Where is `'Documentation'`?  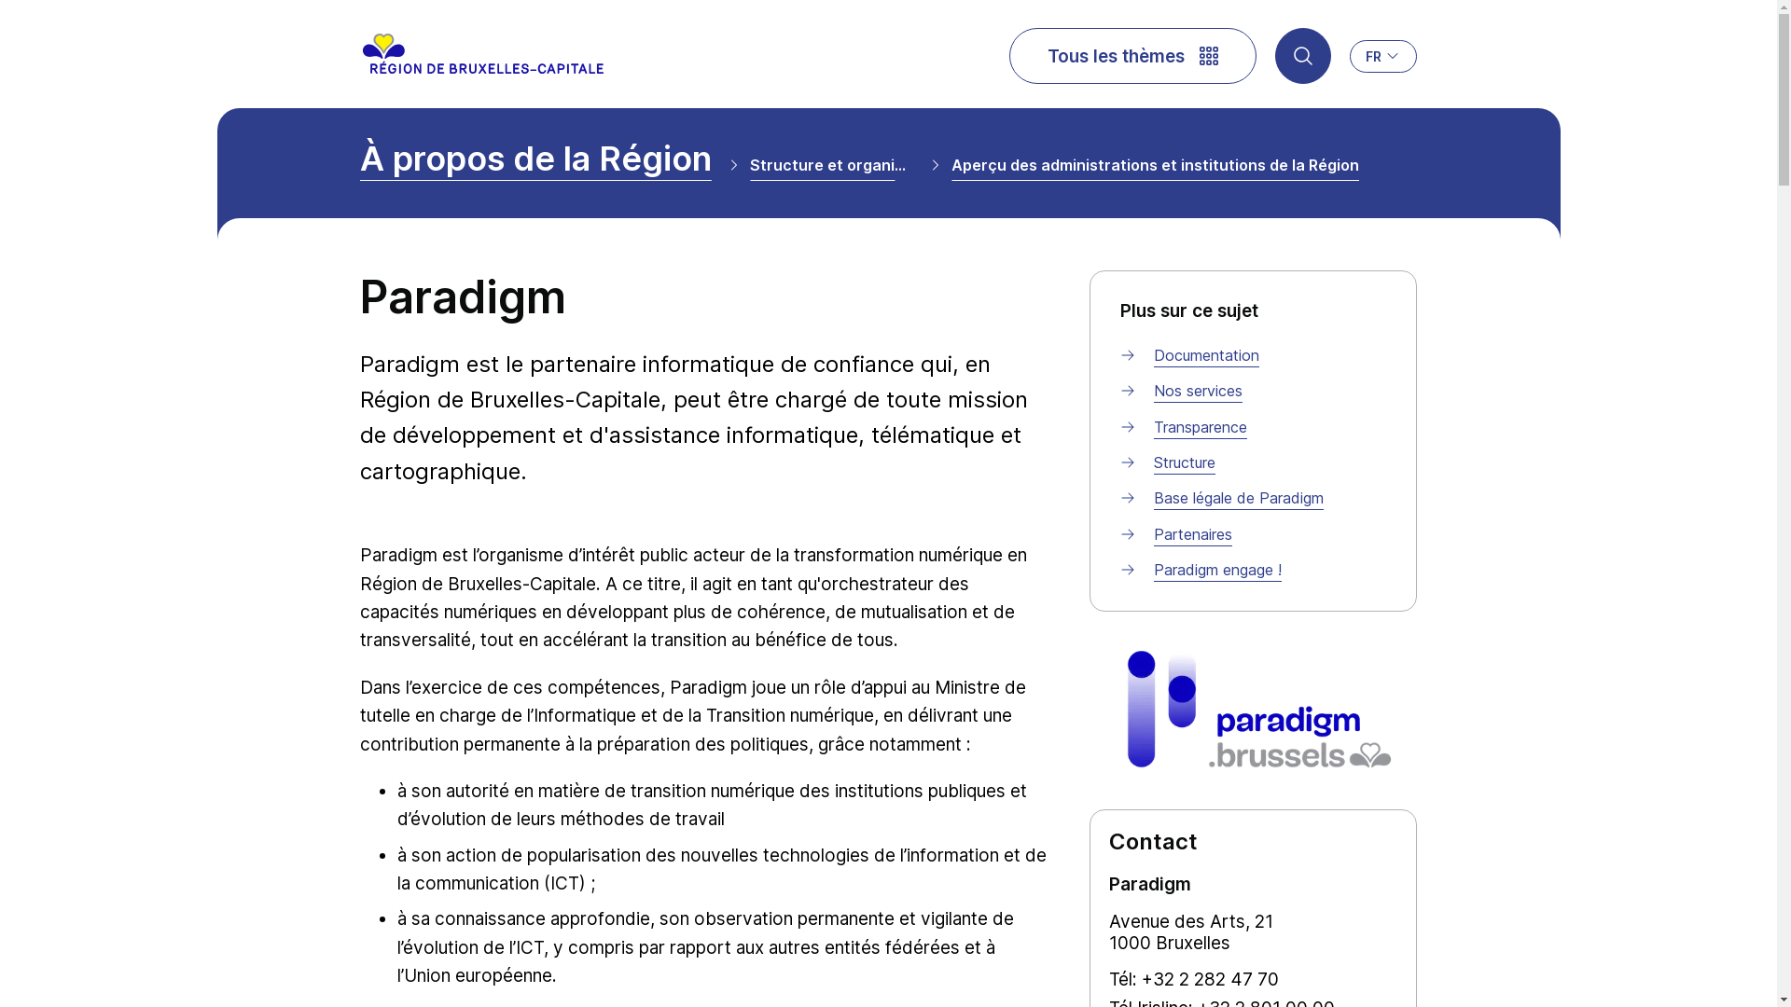 'Documentation' is located at coordinates (1206, 355).